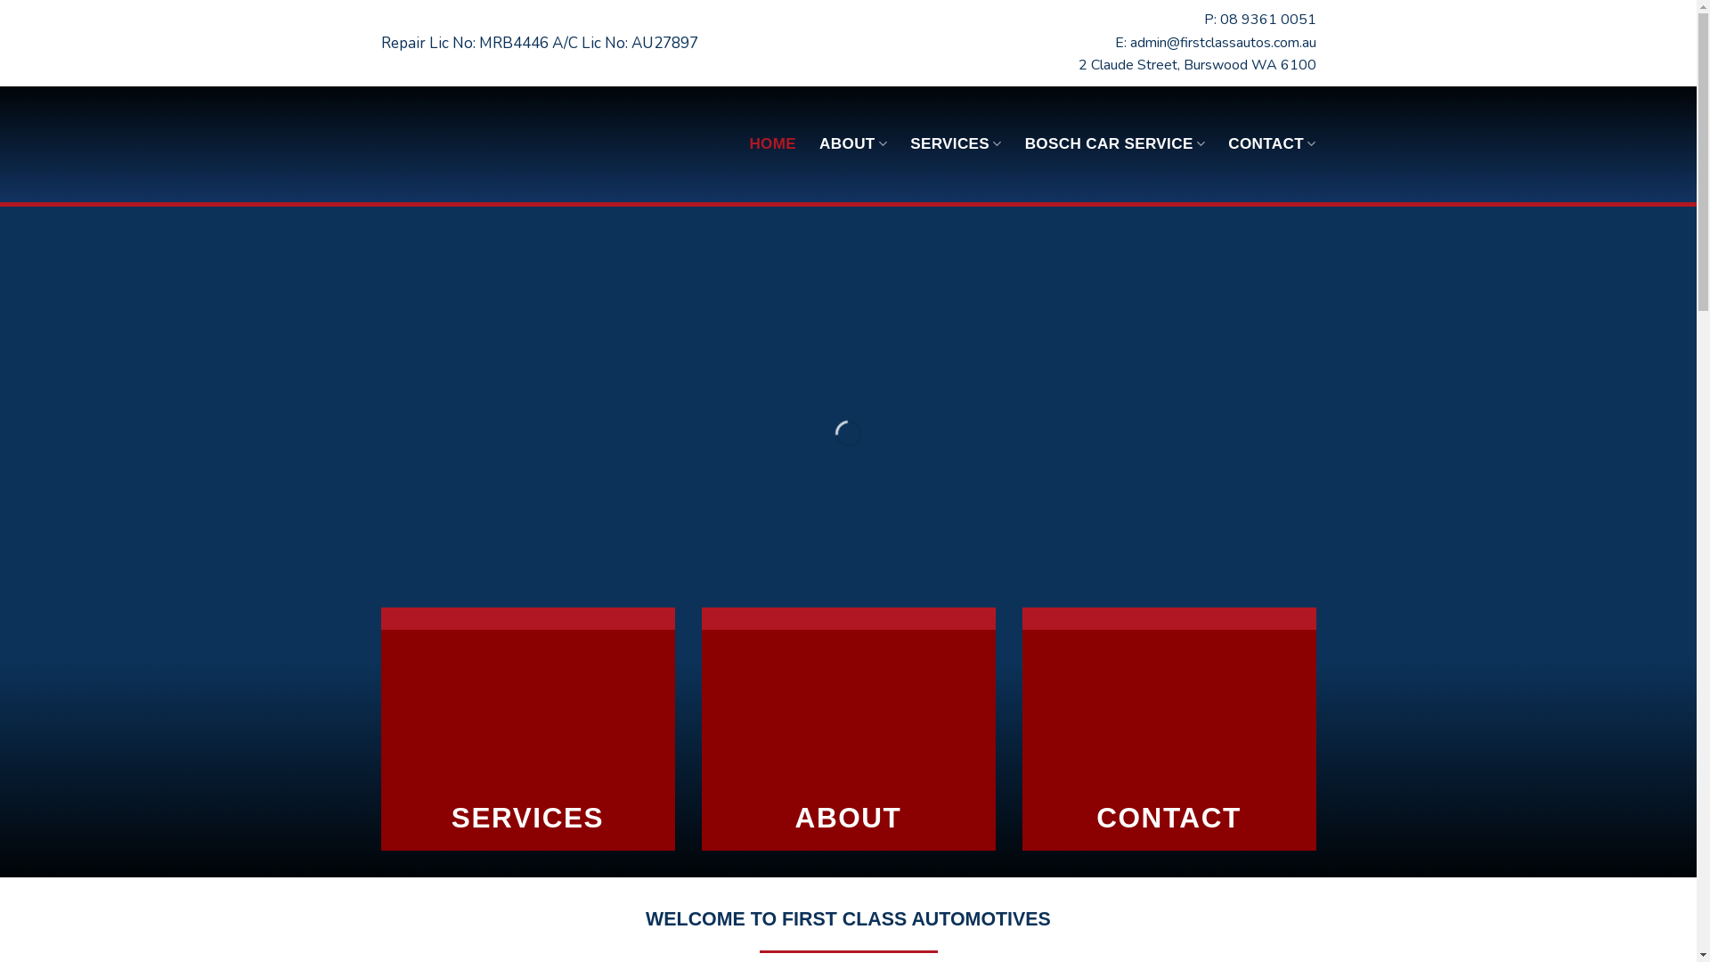 This screenshot has width=1710, height=962. I want to click on 'E: admin@firstclassautos.com.au', so click(1114, 41).